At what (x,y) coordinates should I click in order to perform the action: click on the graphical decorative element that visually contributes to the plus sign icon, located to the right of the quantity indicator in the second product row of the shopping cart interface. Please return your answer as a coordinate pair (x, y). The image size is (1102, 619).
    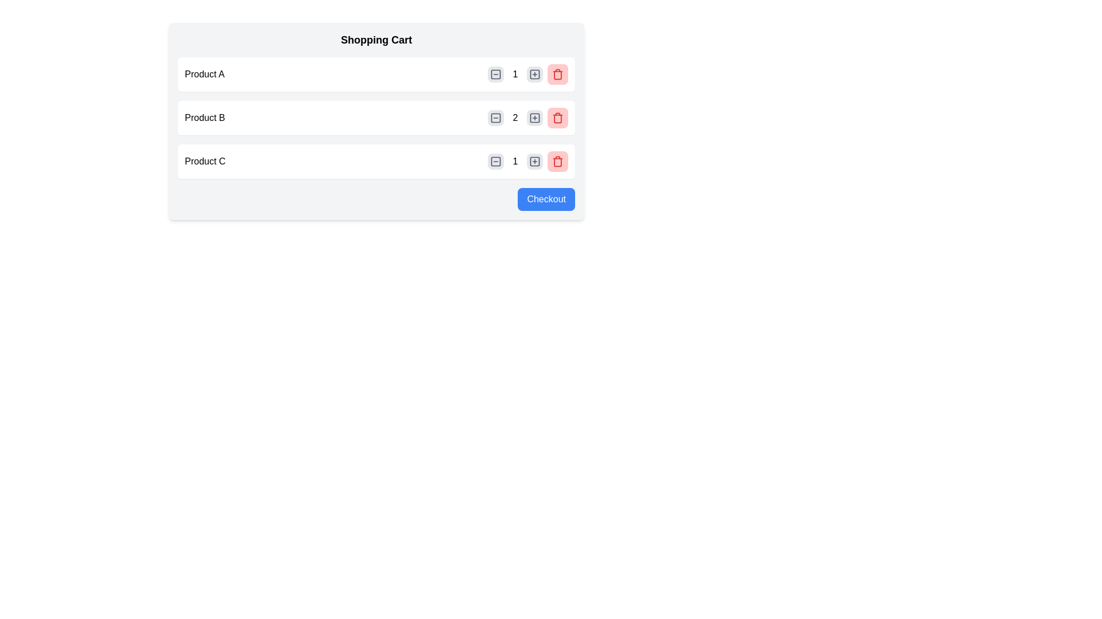
    Looking at the image, I should click on (534, 117).